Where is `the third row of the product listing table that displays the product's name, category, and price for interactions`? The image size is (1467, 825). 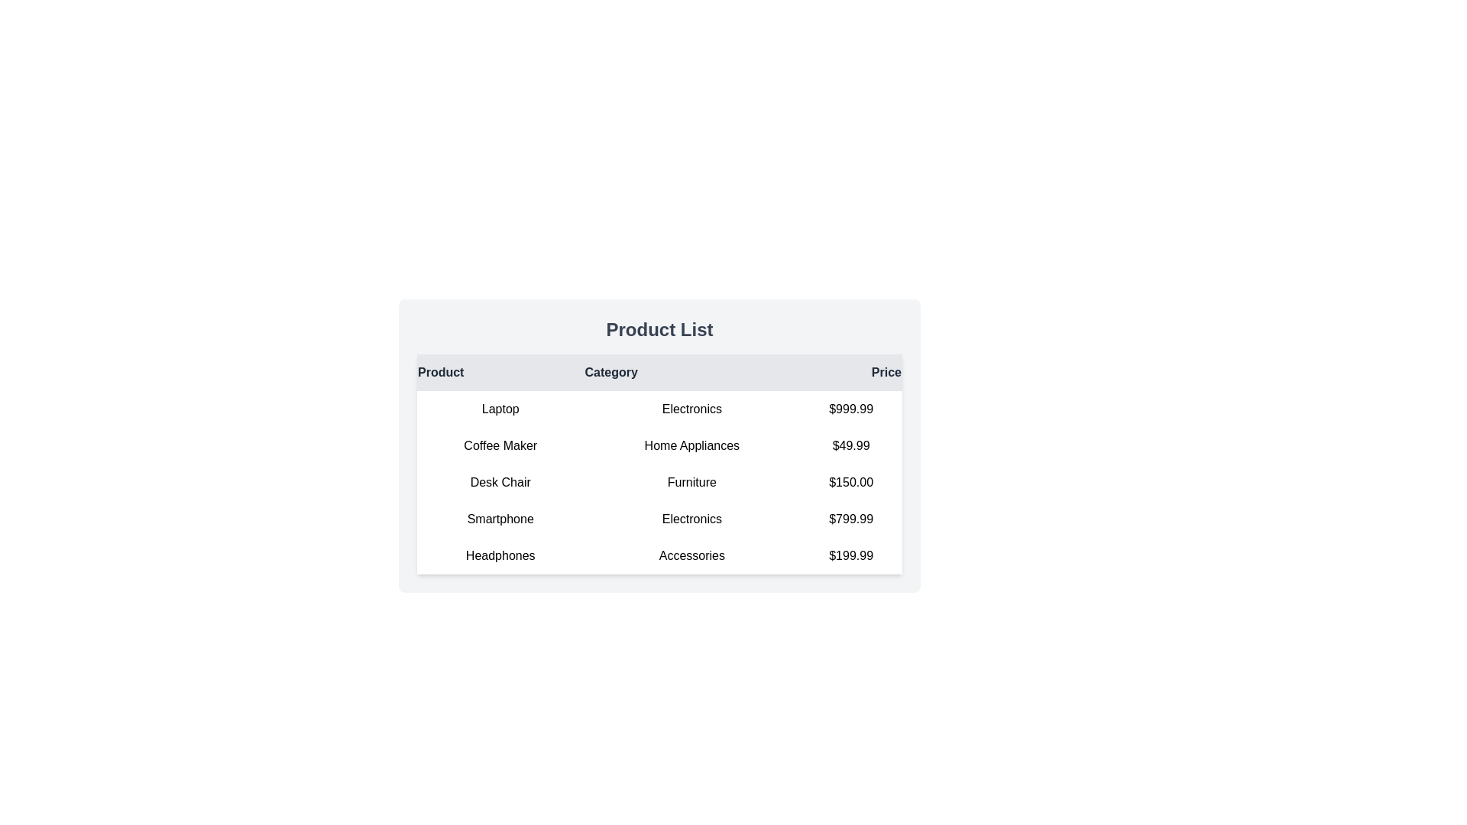
the third row of the product listing table that displays the product's name, category, and price for interactions is located at coordinates (659, 483).